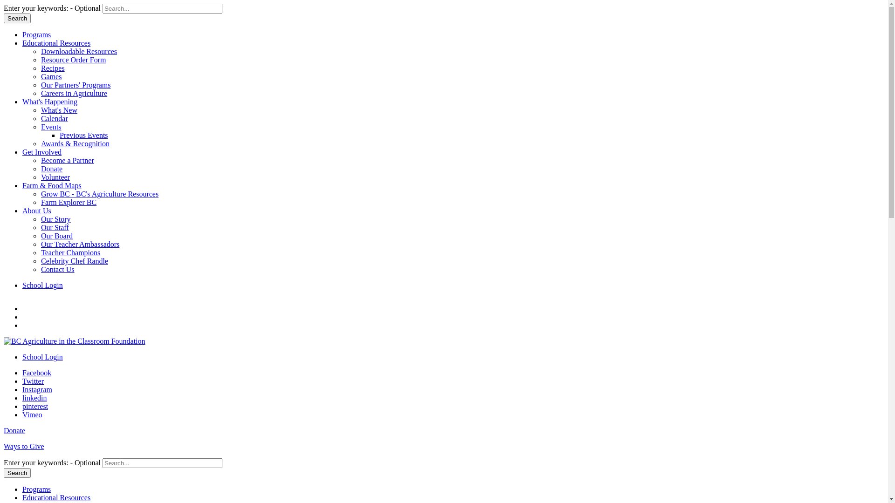 This screenshot has height=503, width=895. I want to click on 'Awards & Recognition', so click(75, 143).